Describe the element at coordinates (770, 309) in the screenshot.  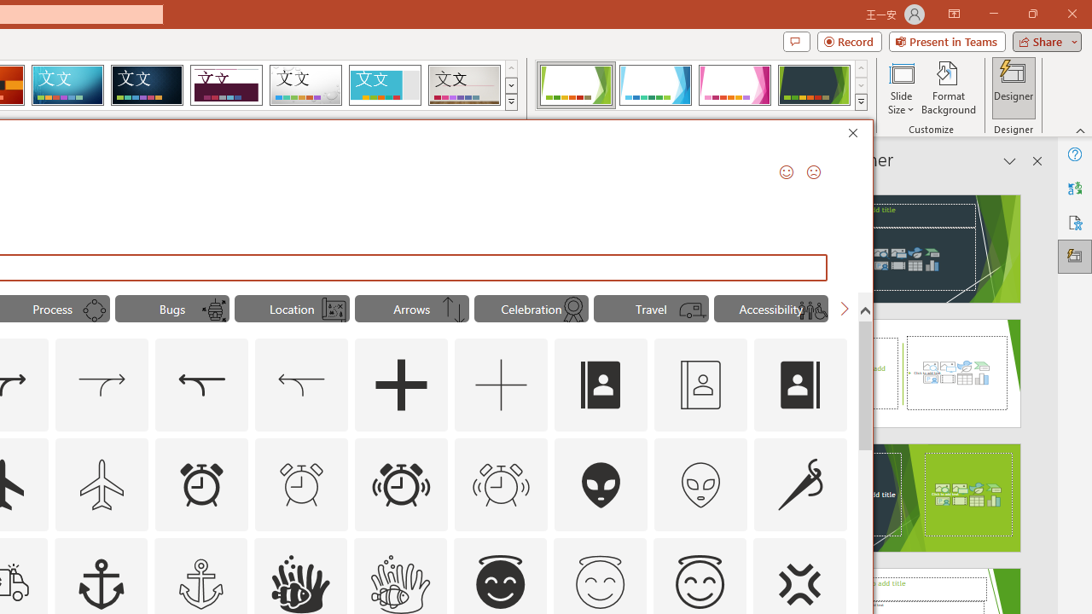
I see `'"Accessibility" Icons.'` at that location.